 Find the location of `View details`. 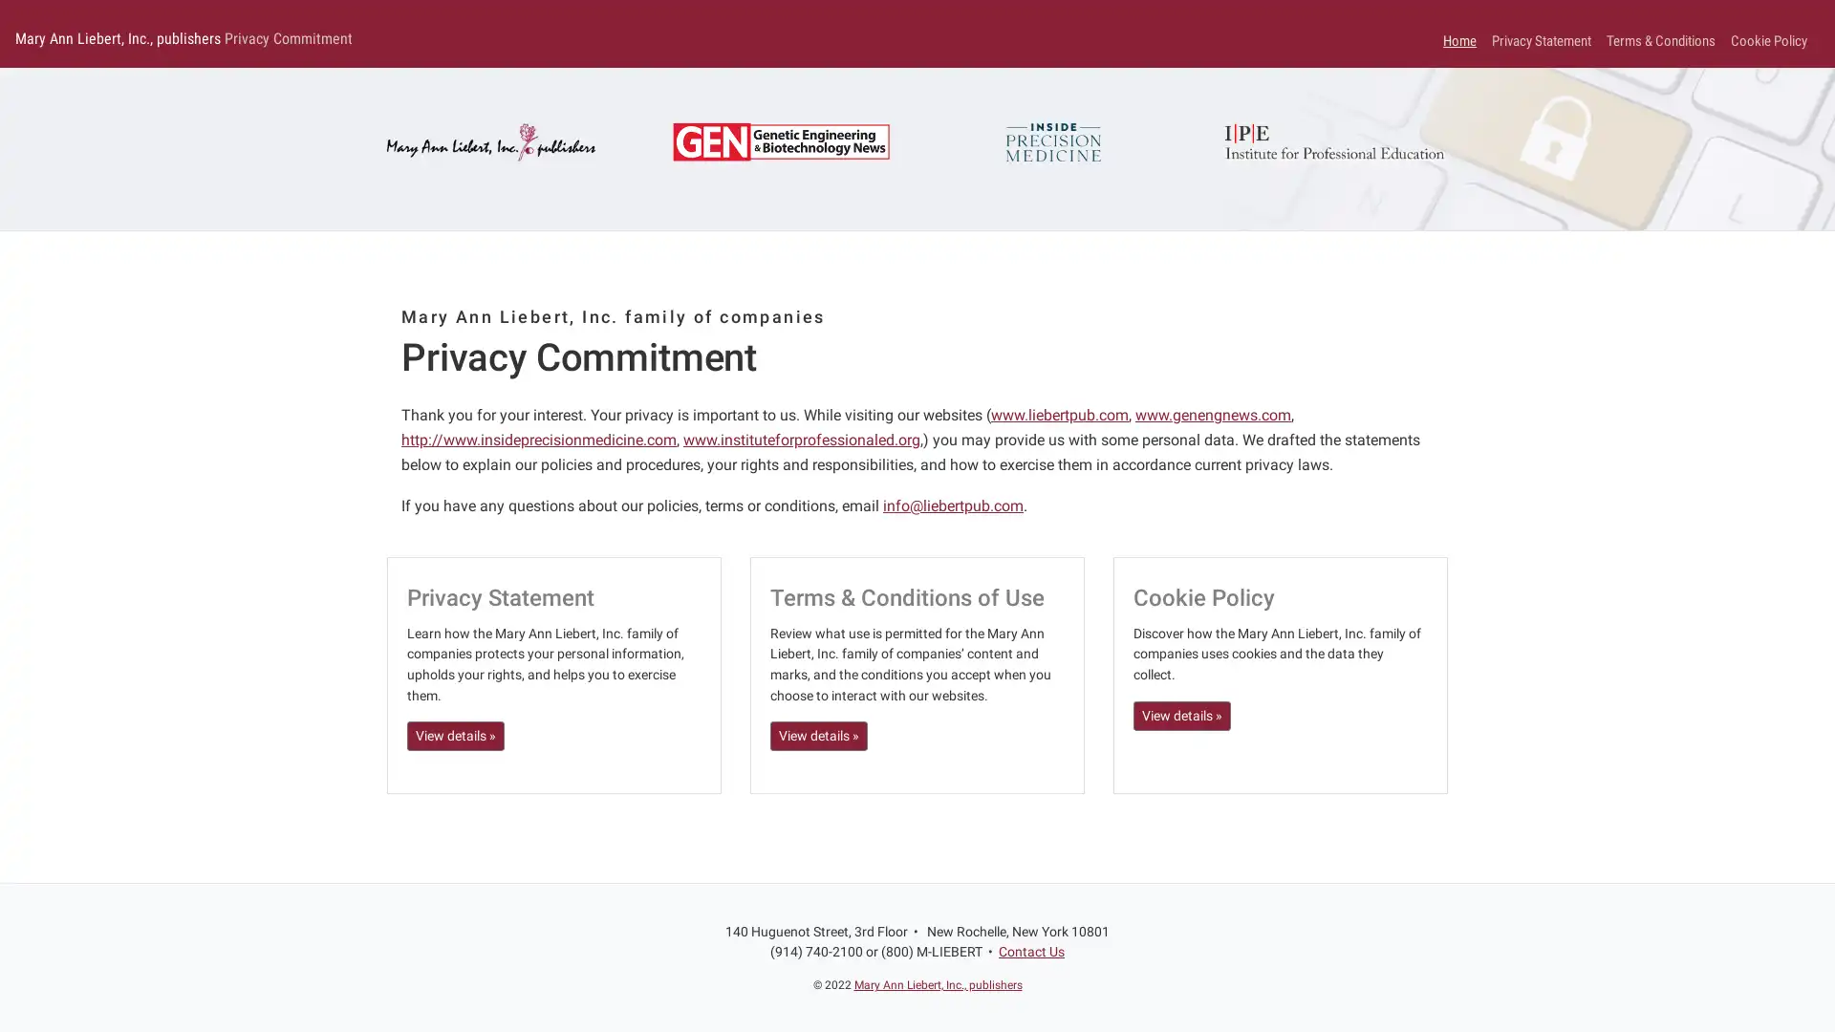

View details is located at coordinates (819, 735).